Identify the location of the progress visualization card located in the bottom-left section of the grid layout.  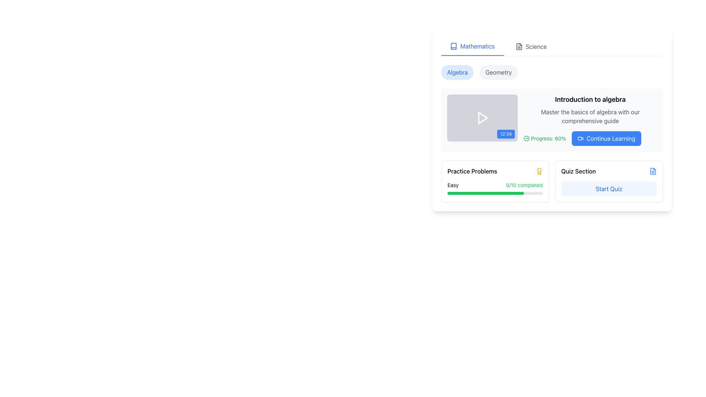
(495, 181).